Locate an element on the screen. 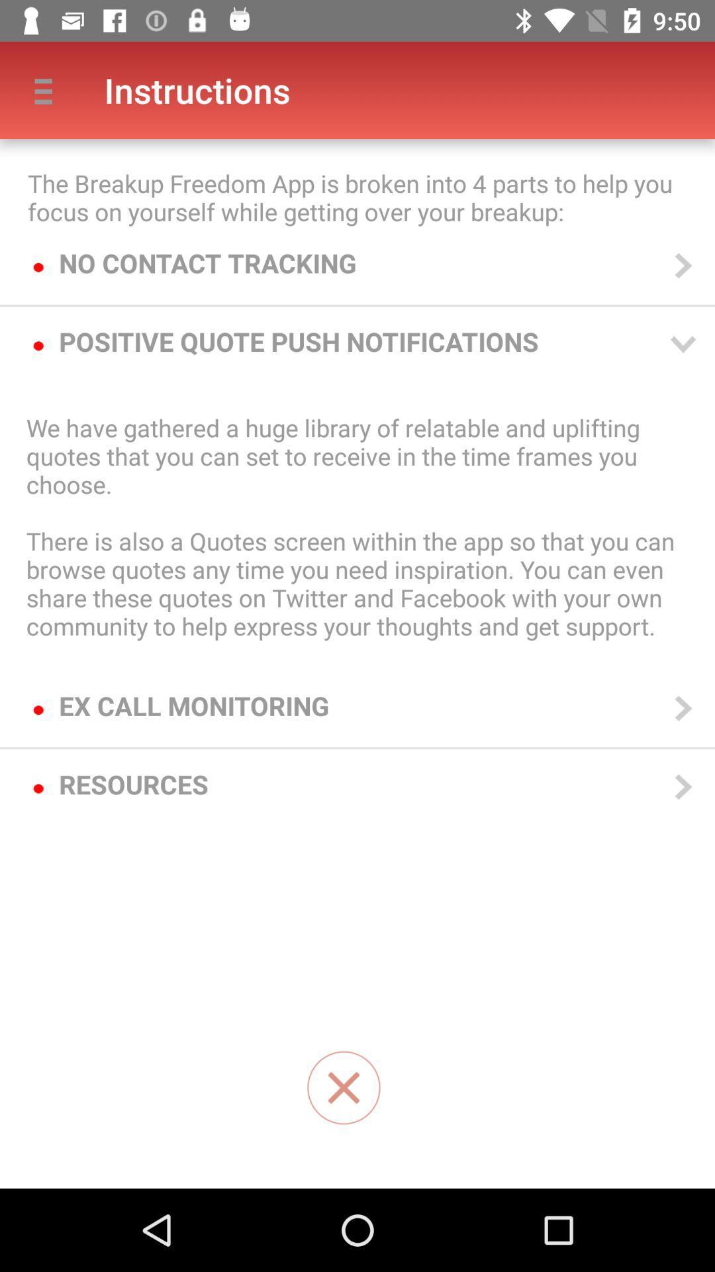 This screenshot has height=1272, width=715. instructions is located at coordinates (343, 1088).